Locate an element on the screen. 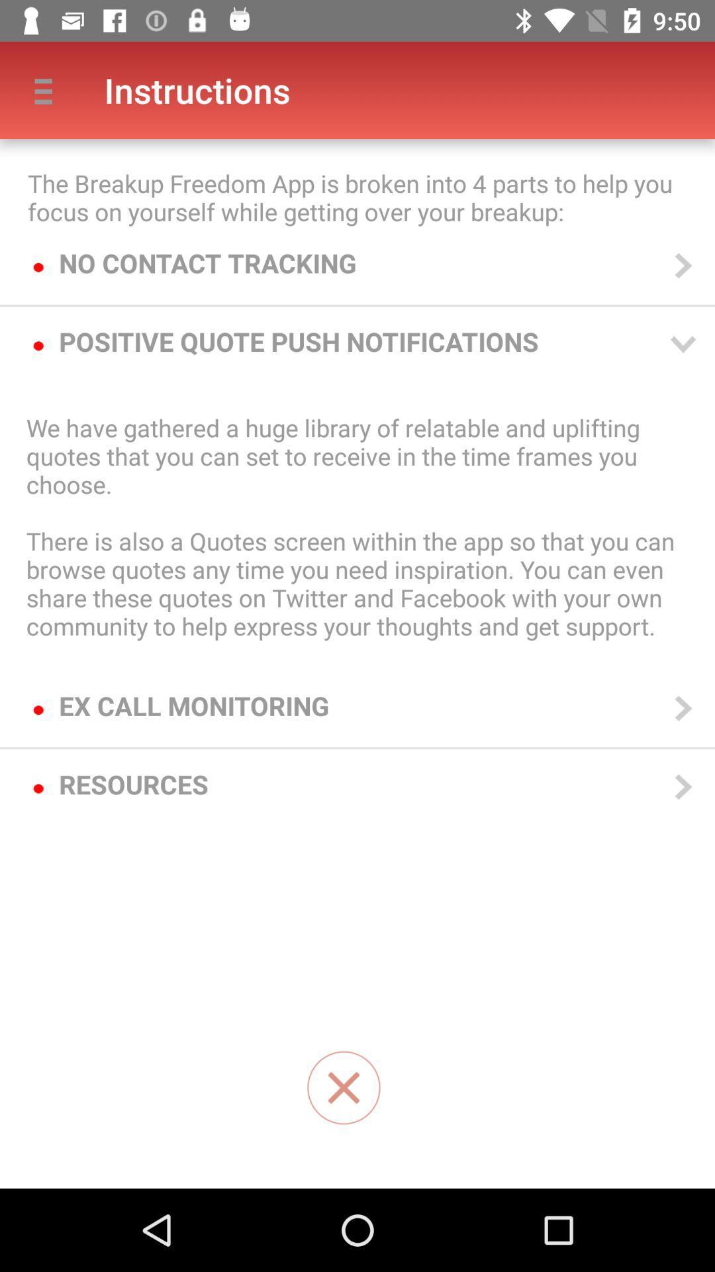 This screenshot has height=1272, width=715. instructions is located at coordinates (343, 1088).